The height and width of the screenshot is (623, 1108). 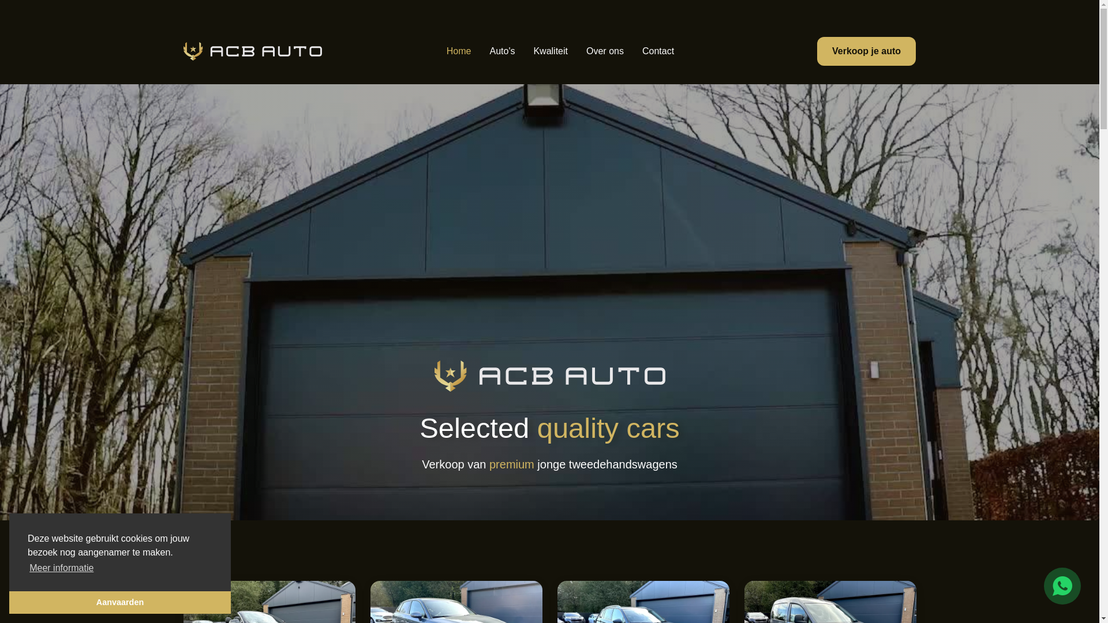 What do you see at coordinates (658, 50) in the screenshot?
I see `'Contact'` at bounding box center [658, 50].